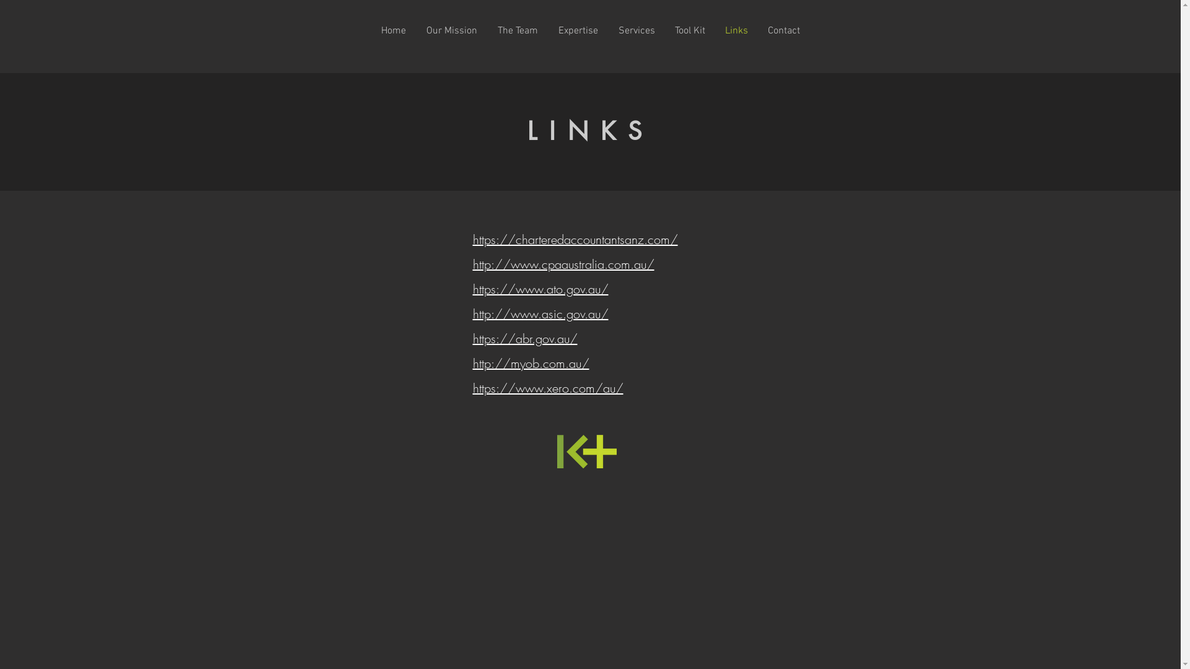 Image resolution: width=1190 pixels, height=669 pixels. I want to click on 'Links', so click(736, 30).